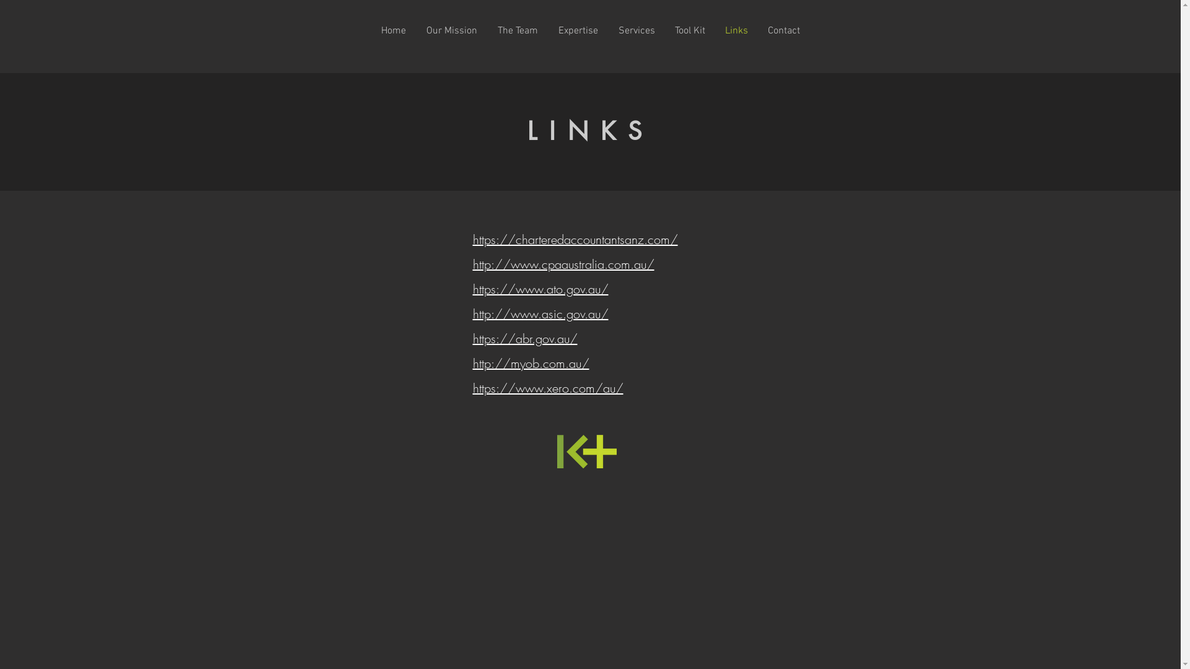 Image resolution: width=1190 pixels, height=669 pixels. I want to click on 'Links', so click(736, 30).